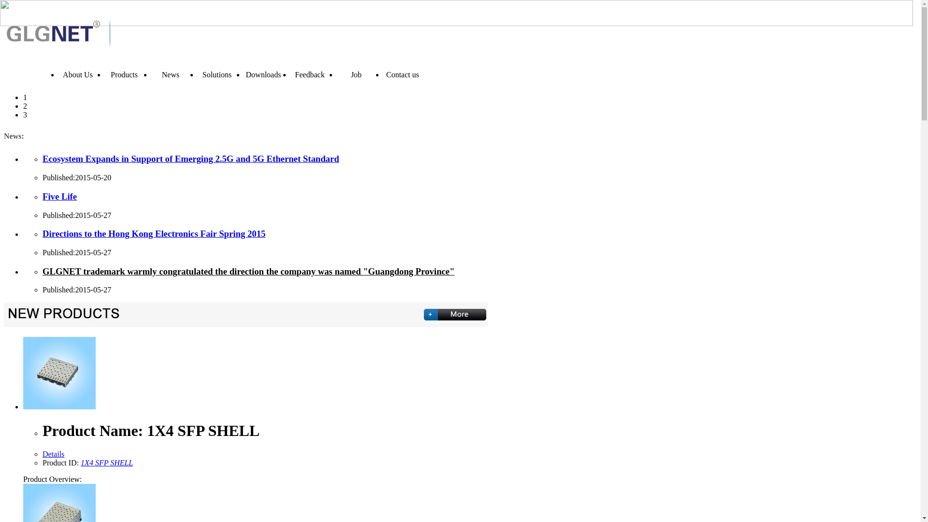  I want to click on 'Products', so click(124, 74).